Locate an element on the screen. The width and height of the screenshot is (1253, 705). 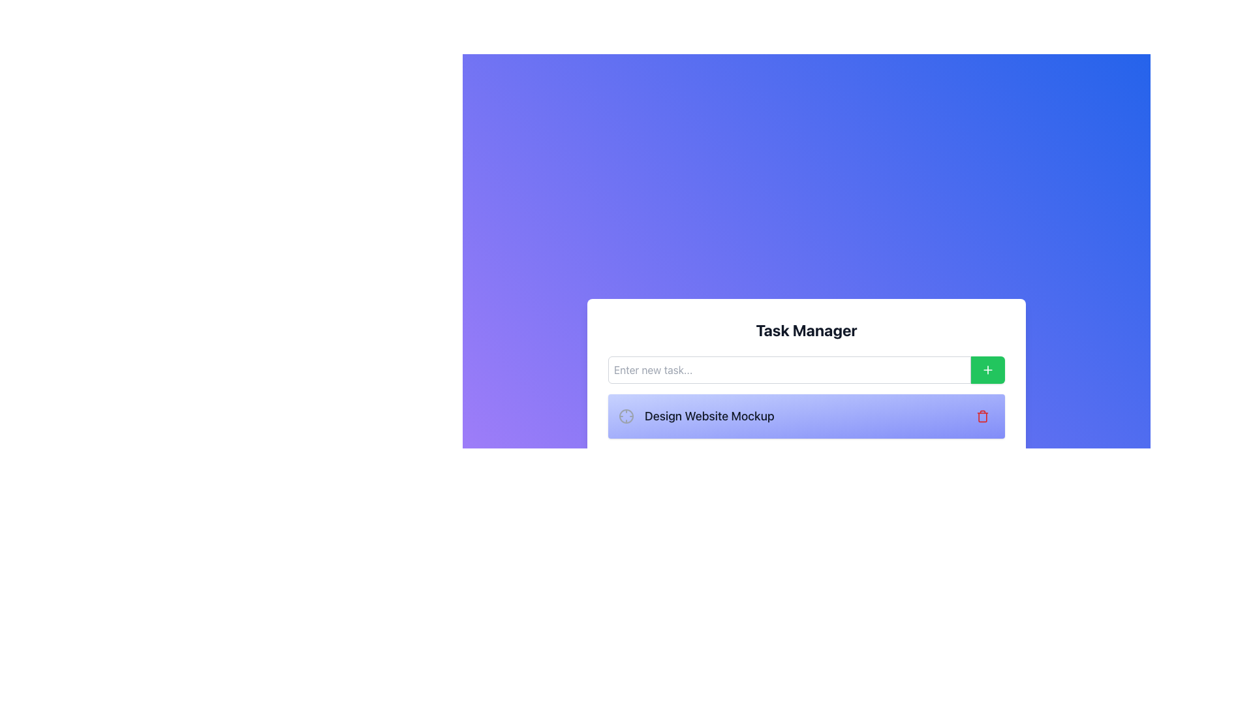
the green button with a plus icon located at the right end of the input field in the task manager interface is located at coordinates (987, 370).